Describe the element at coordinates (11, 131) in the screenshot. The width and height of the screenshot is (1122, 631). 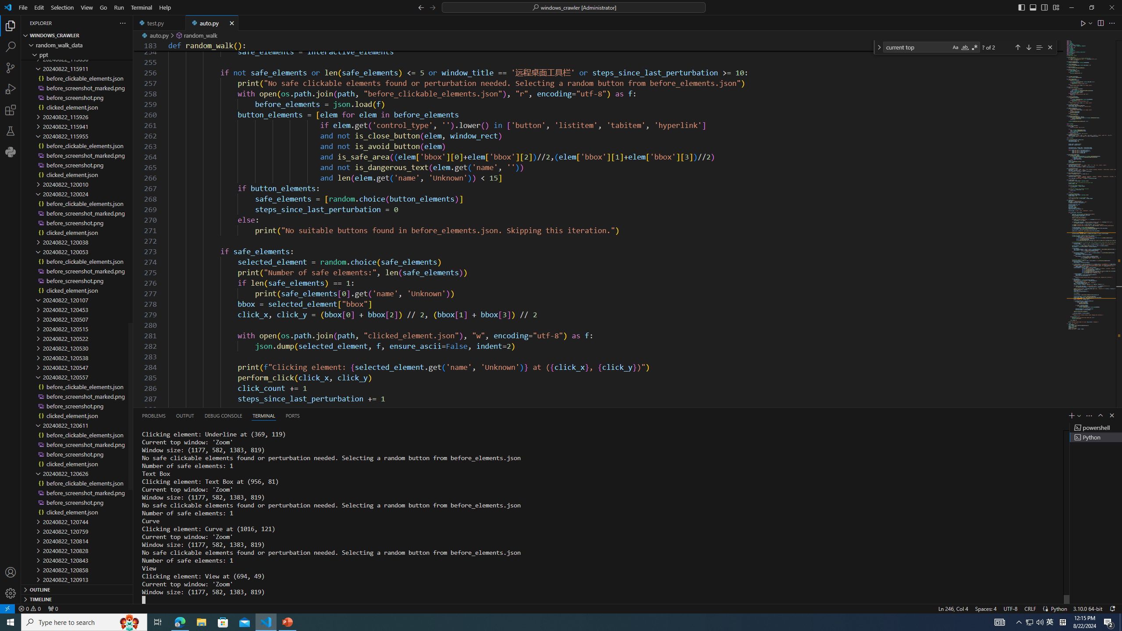
I see `'Testing'` at that location.